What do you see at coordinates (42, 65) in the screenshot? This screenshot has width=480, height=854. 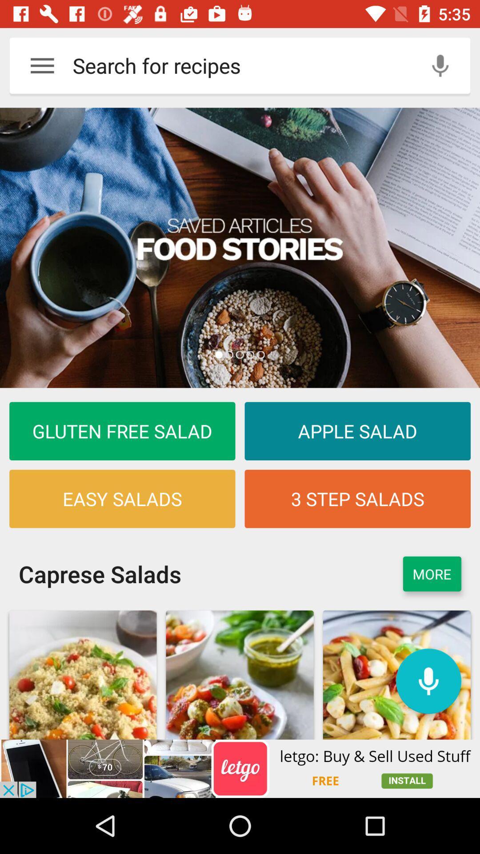 I see `the menu bar which is at first top left side of the page` at bounding box center [42, 65].